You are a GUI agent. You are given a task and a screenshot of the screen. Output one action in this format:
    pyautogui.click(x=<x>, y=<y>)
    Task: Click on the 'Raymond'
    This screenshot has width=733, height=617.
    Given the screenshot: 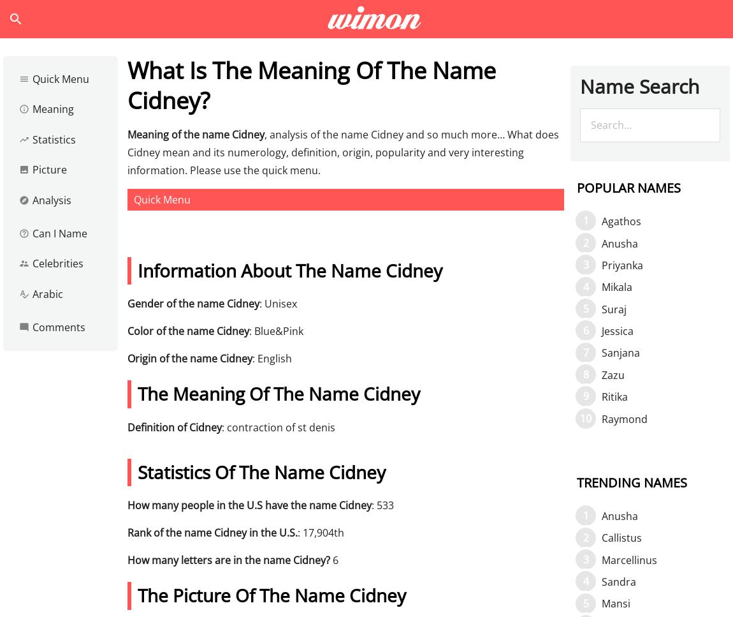 What is the action you would take?
    pyautogui.click(x=625, y=418)
    